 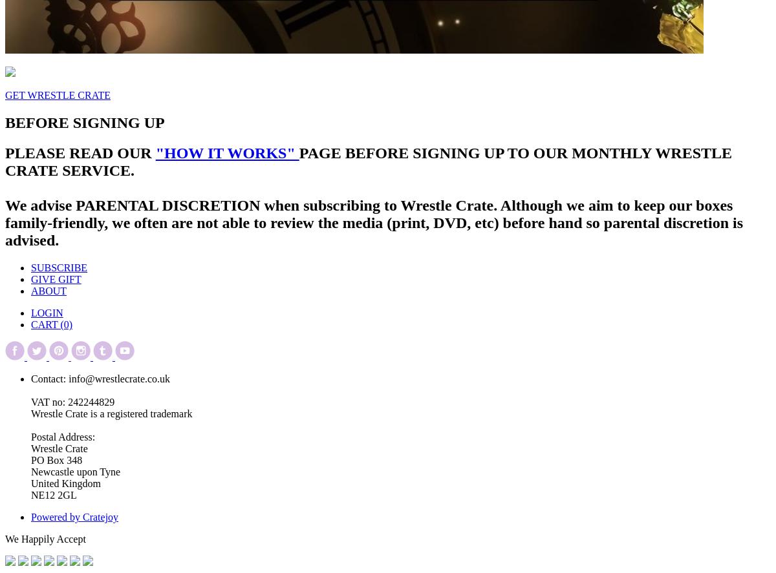 I want to click on 'BEFORE SIGNING UP', so click(x=85, y=121).